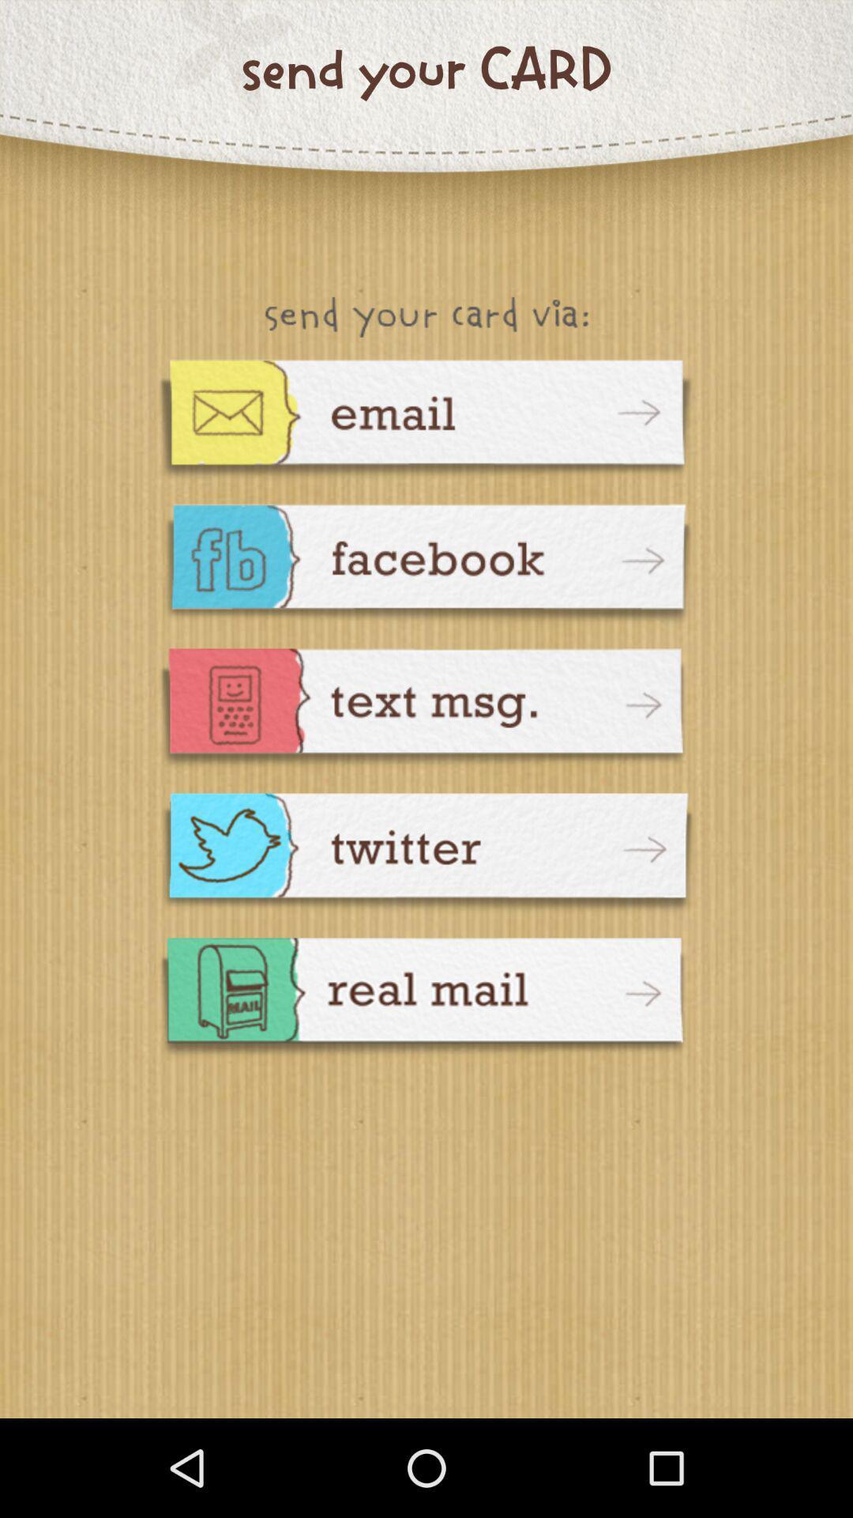 Image resolution: width=853 pixels, height=1518 pixels. Describe the element at coordinates (426, 854) in the screenshot. I see `the messenger` at that location.